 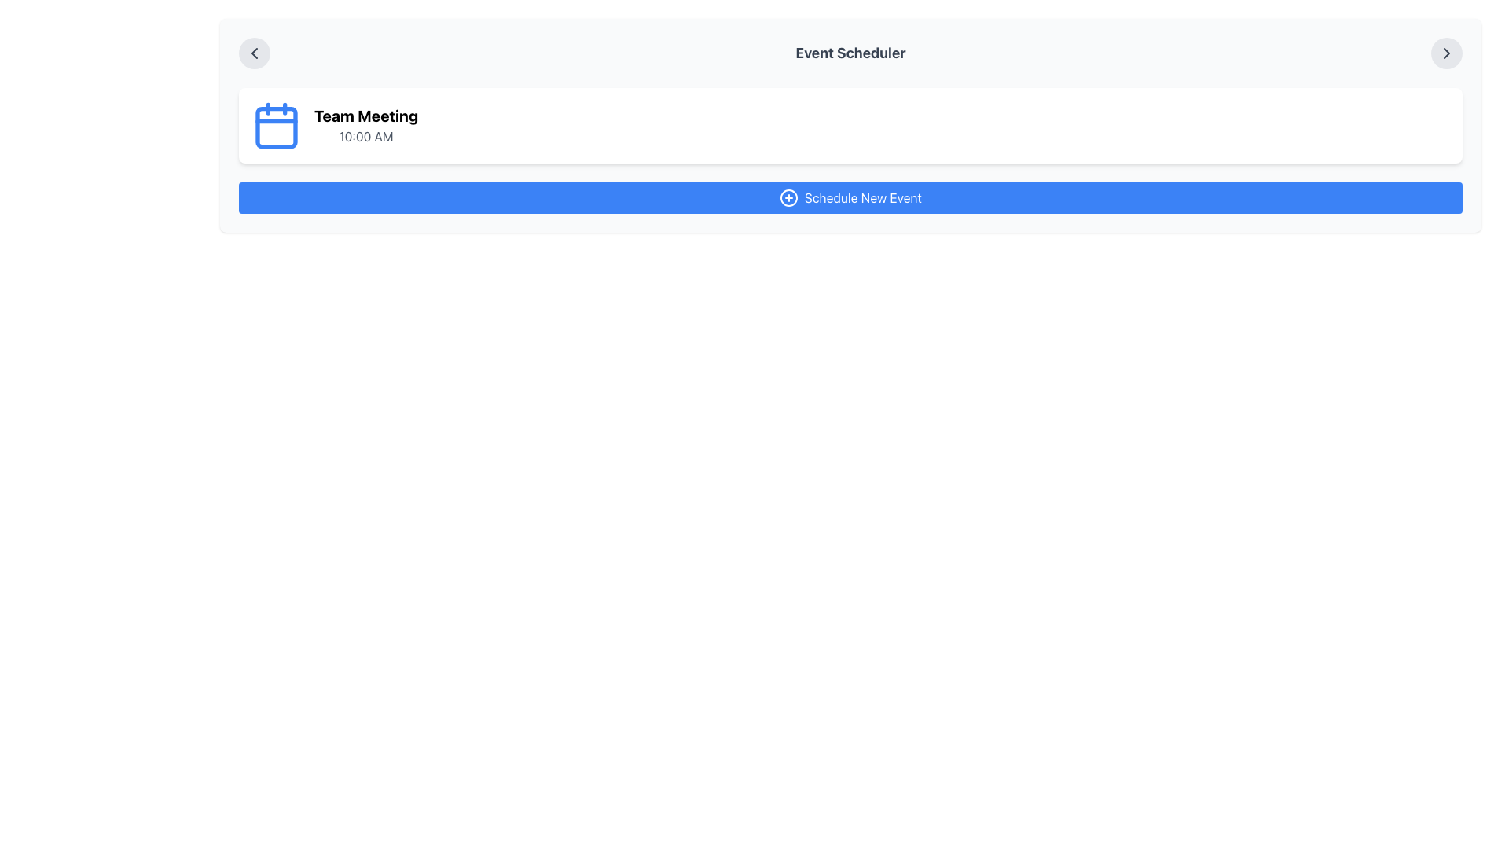 What do you see at coordinates (365, 135) in the screenshot?
I see `the text label indicating the scheduled time for the 'Team Meeting' event, located below the 'Team Meeting' text and aligned within the event description group` at bounding box center [365, 135].